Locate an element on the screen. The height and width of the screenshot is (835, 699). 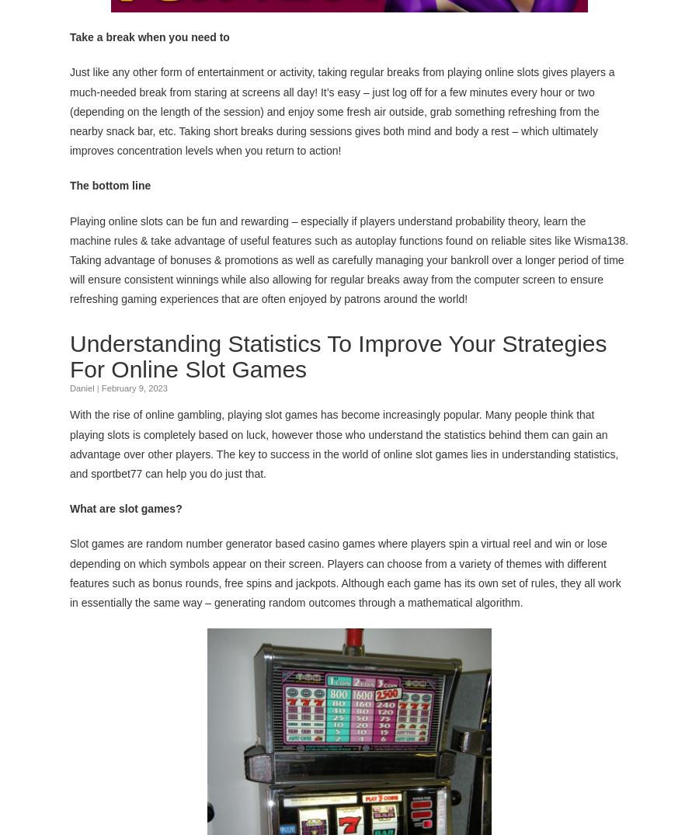
'Slot games are random number generator based casino games where players spin a virtual reel and win or lose depending on which symbols appear on their screen. Players can choose from a variety of themes with different features such as bonus rounds, free spins and jackpots. Although each game has its own set of rules, they all work in essentially the same way – generating random outcomes through a mathematical algorithm.' is located at coordinates (69, 572).